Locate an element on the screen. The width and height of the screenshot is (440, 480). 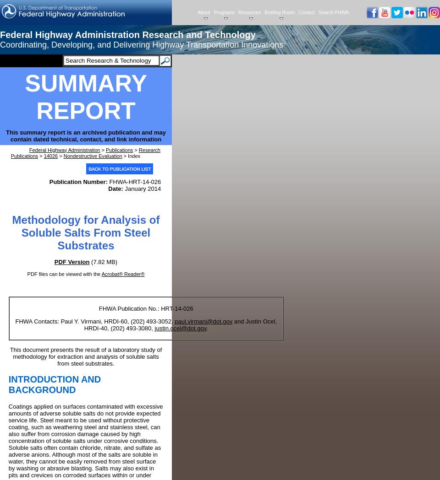
'SUMMARY REPORT' is located at coordinates (86, 96).